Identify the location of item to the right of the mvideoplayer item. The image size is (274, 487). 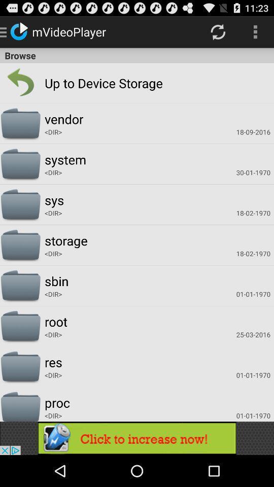
(217, 31).